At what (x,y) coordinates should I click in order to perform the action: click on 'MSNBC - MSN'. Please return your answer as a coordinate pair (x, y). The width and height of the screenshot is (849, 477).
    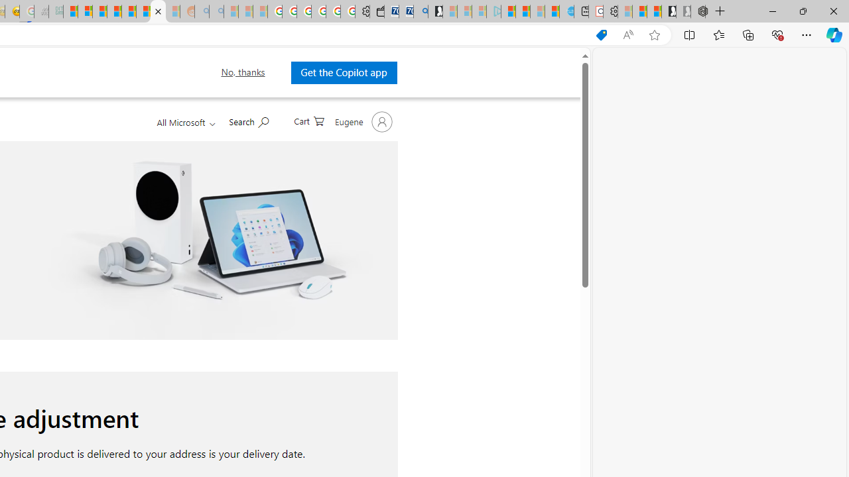
    Looking at the image, I should click on (70, 11).